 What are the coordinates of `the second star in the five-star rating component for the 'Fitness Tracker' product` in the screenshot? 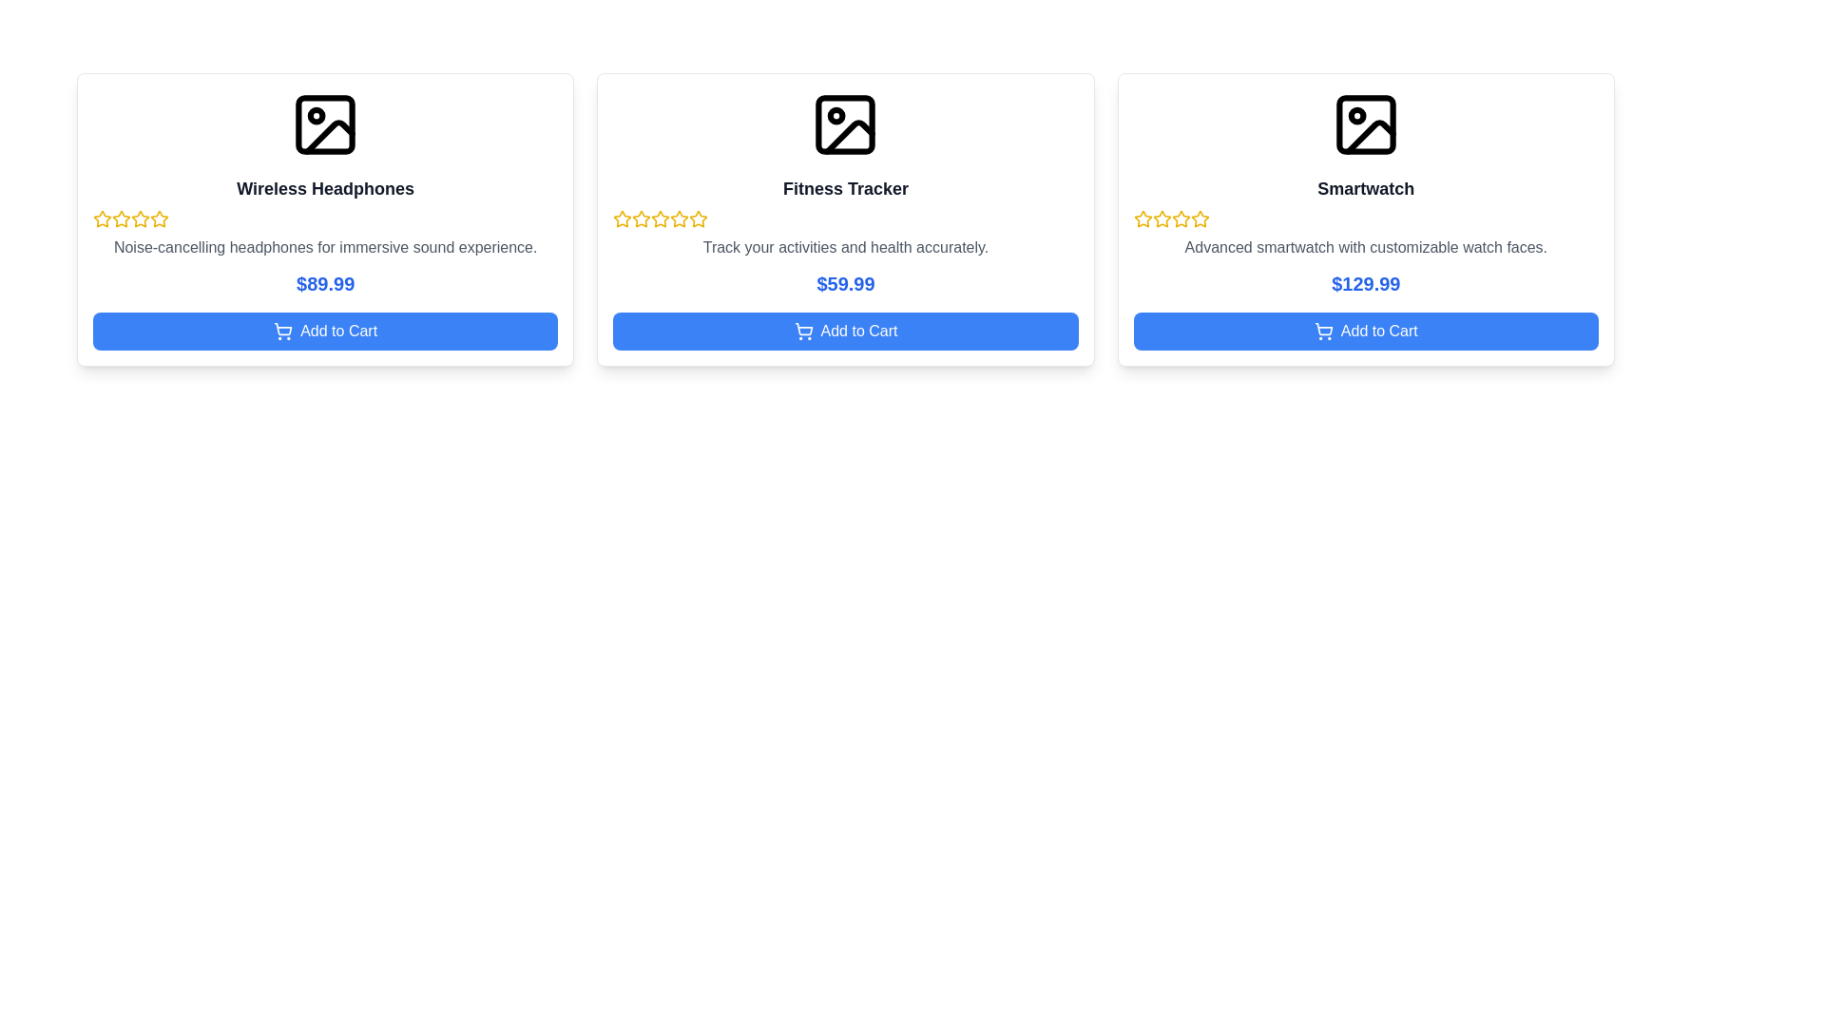 It's located at (661, 218).